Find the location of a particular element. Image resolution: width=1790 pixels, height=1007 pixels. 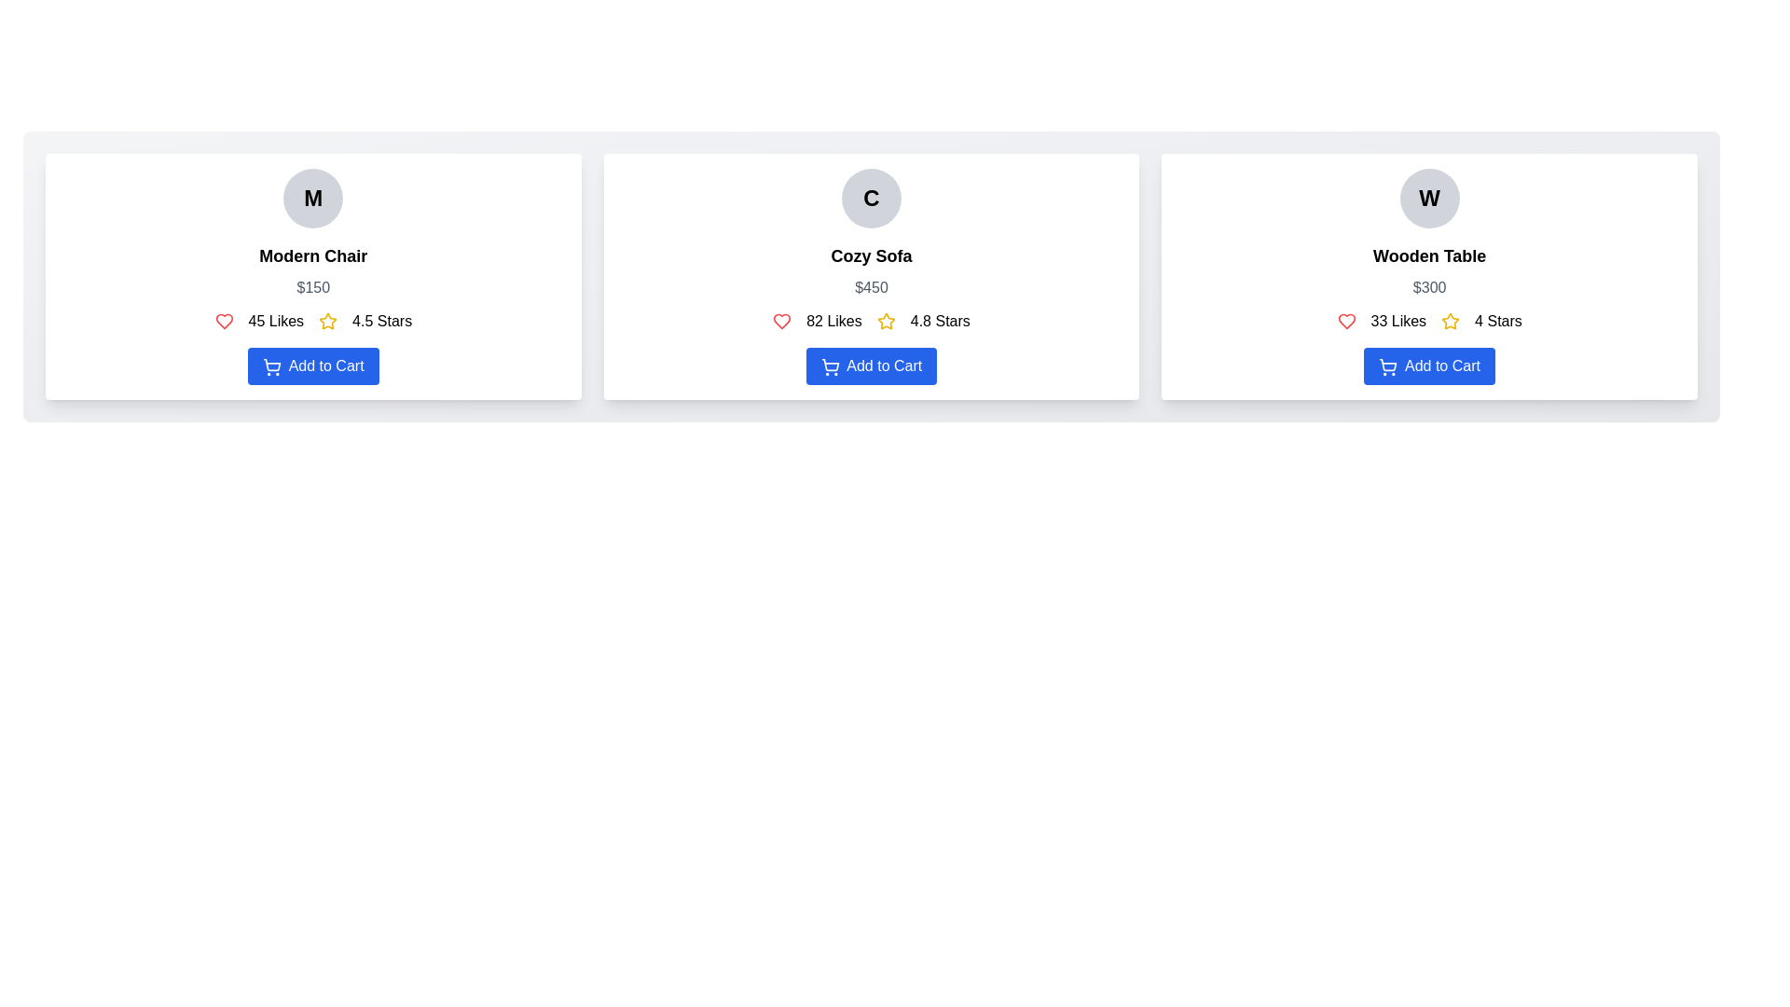

the informative text displaying '45 Likes' and '4.5 Stars' in the 'Modern Chair' card, located above the 'Add to Cart' button is located at coordinates (313, 320).